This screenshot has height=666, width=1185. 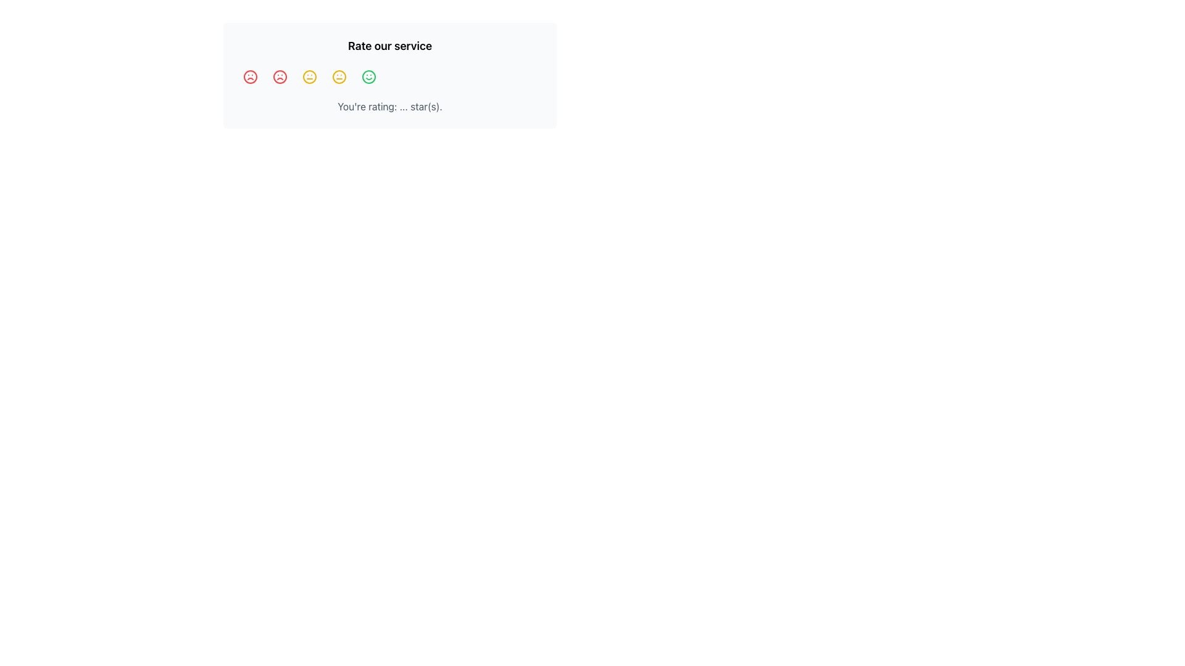 I want to click on circular outline SVG element that is part of the smiley face graphic, positioned in the fourth position in a row of similar icons for rating purposes, so click(x=368, y=76).